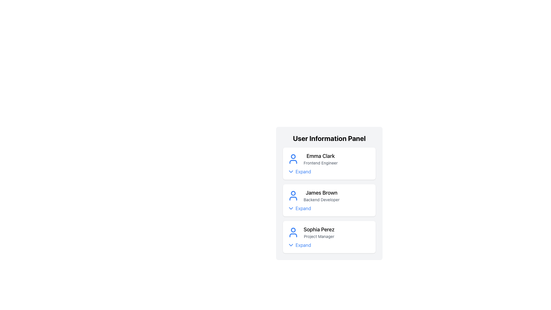 Image resolution: width=551 pixels, height=310 pixels. What do you see at coordinates (293, 156) in the screenshot?
I see `the graphical representation of the user profile icon located in the first list item of the 'User Information Panel' section under 'Emma Clark, Frontend Engineer'` at bounding box center [293, 156].